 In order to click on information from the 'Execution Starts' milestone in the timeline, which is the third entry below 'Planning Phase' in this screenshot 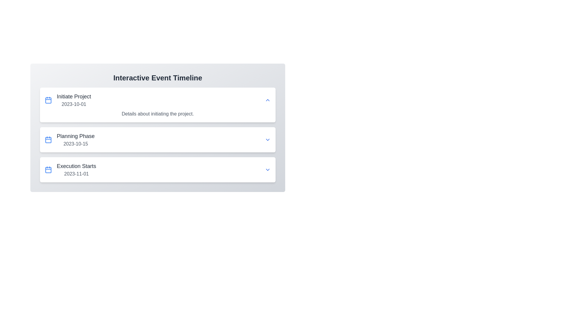, I will do `click(76, 170)`.